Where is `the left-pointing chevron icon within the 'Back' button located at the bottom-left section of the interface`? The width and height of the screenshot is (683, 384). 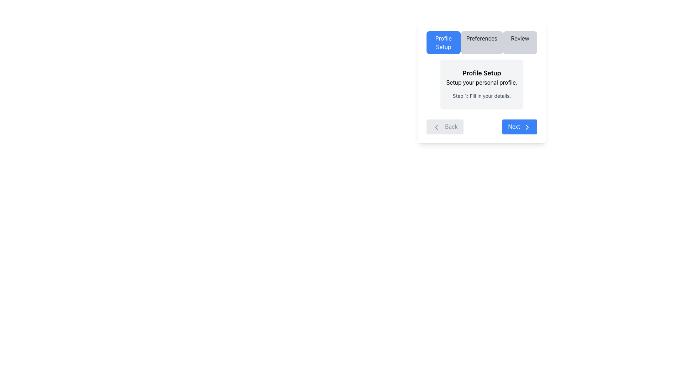
the left-pointing chevron icon within the 'Back' button located at the bottom-left section of the interface is located at coordinates (436, 127).